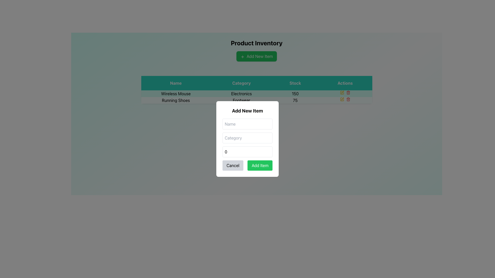 The height and width of the screenshot is (278, 495). What do you see at coordinates (342, 92) in the screenshot?
I see `the SVG icon` at bounding box center [342, 92].